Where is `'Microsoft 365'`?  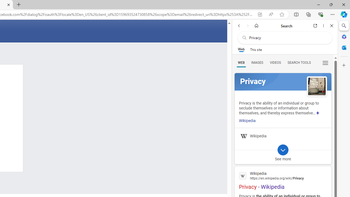 'Microsoft 365' is located at coordinates (344, 36).